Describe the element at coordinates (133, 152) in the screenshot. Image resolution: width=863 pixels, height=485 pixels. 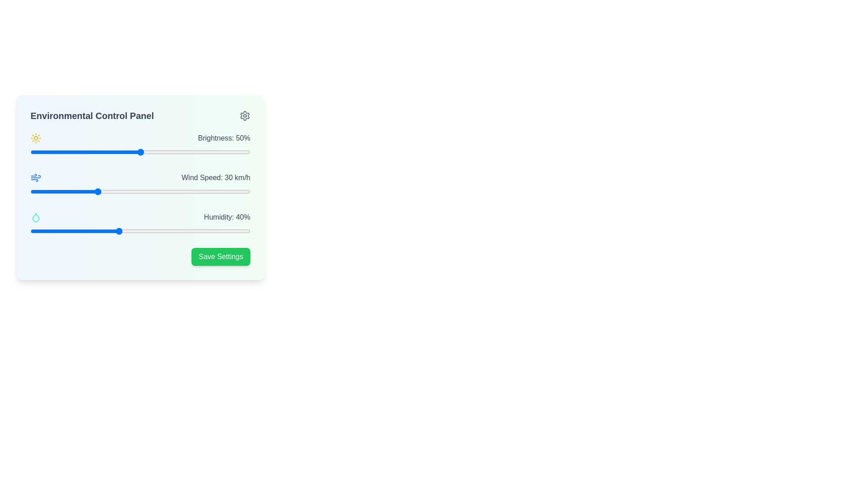
I see `the slider value` at that location.